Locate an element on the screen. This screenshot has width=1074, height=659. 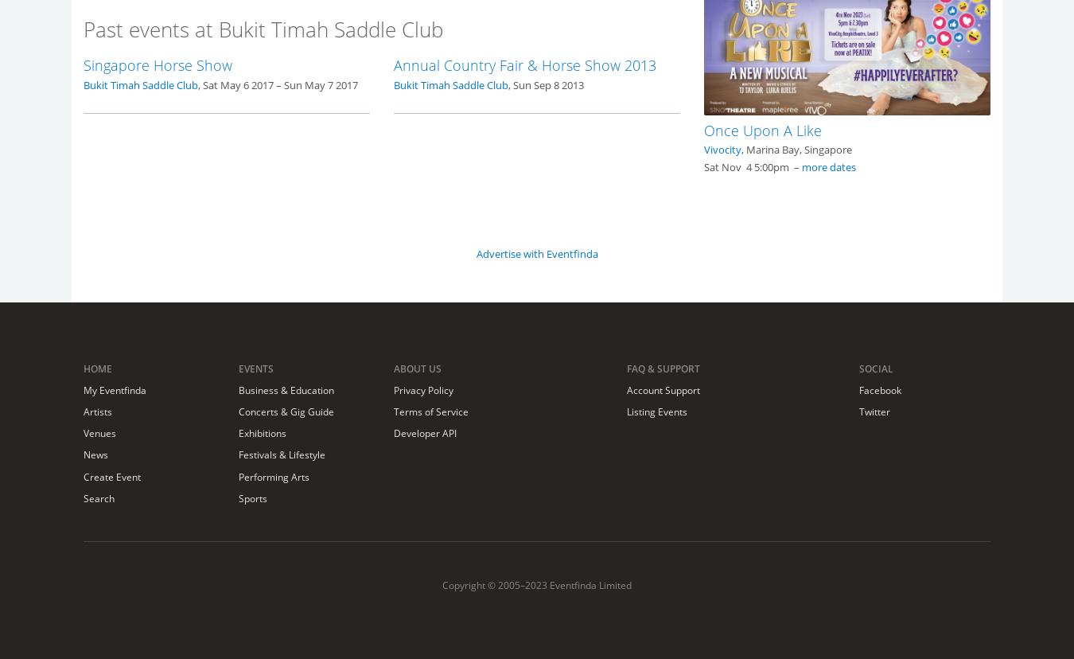
'Exhibitions' is located at coordinates (261, 432).